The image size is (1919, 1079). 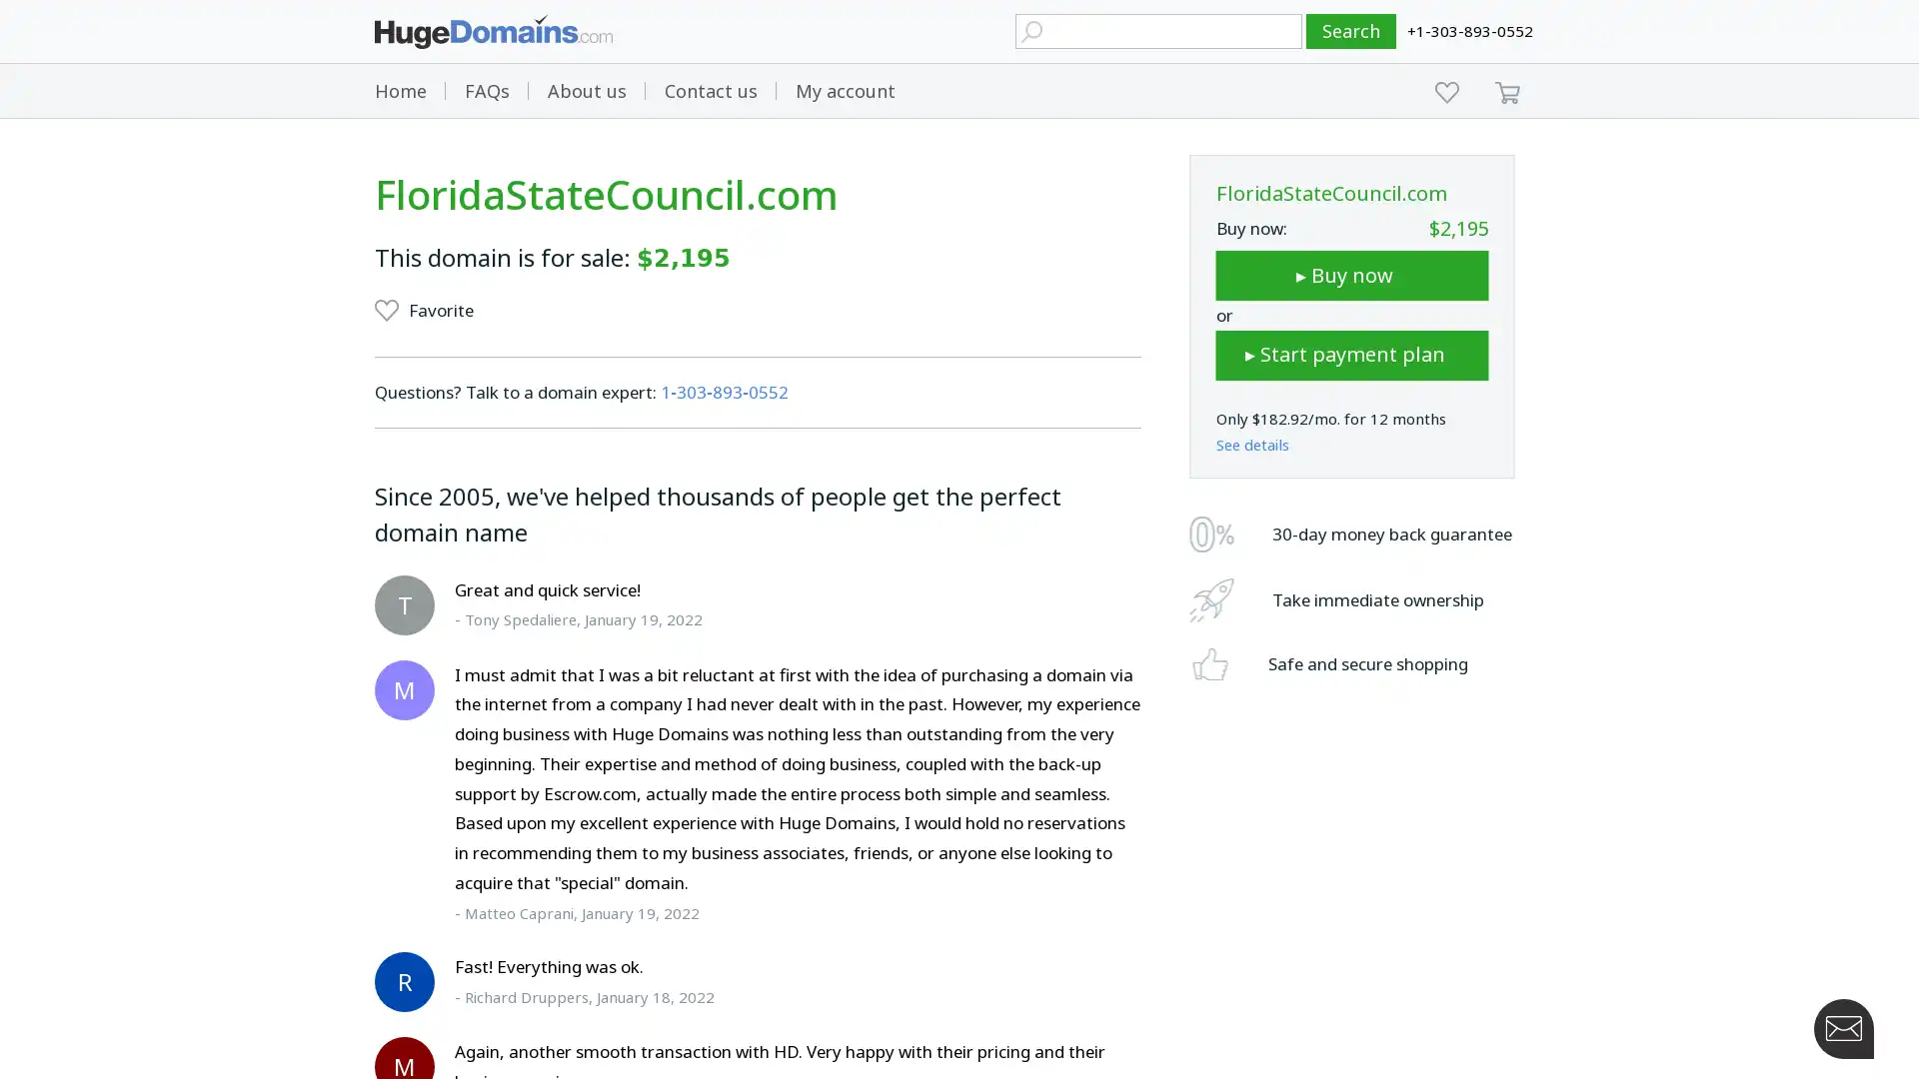 I want to click on Search, so click(x=1351, y=31).